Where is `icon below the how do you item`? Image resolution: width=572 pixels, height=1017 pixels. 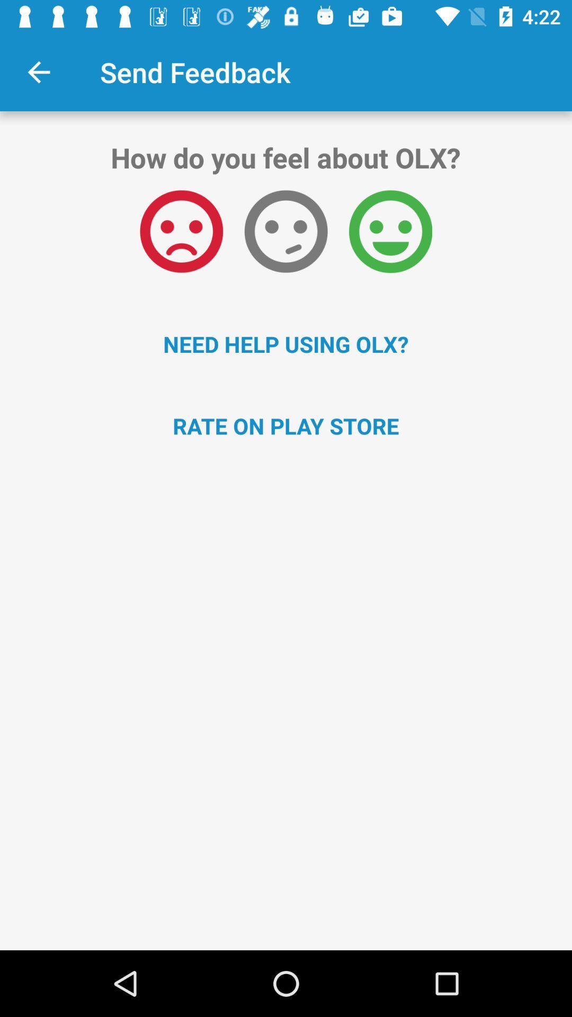
icon below the how do you item is located at coordinates (286, 231).